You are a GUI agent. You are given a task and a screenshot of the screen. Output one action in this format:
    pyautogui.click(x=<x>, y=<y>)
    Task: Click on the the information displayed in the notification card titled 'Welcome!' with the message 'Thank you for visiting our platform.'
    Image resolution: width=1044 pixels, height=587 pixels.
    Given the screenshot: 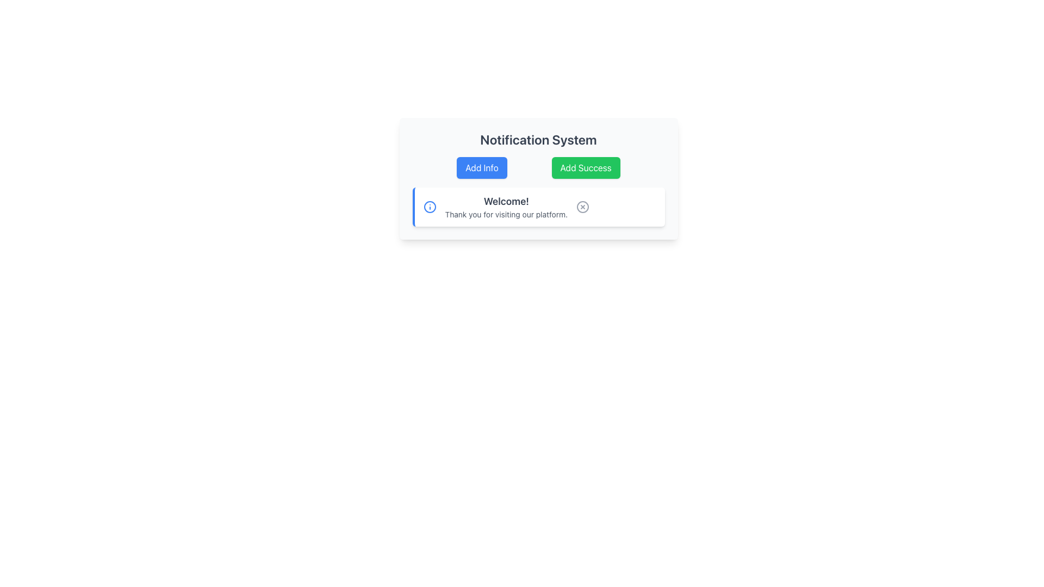 What is the action you would take?
    pyautogui.click(x=538, y=207)
    